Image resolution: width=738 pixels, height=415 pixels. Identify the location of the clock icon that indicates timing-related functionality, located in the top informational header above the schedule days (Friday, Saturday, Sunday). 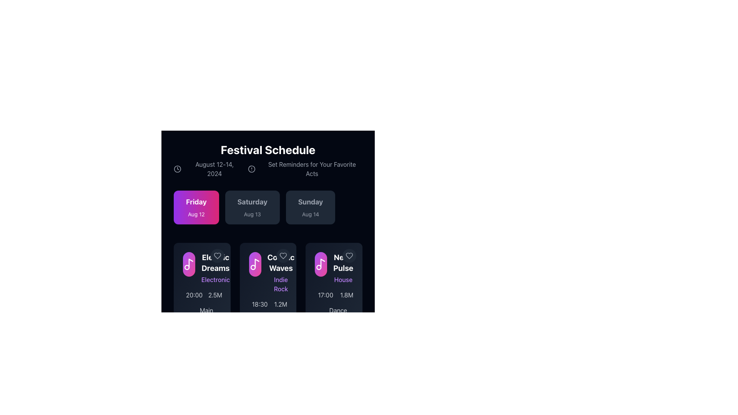
(177, 168).